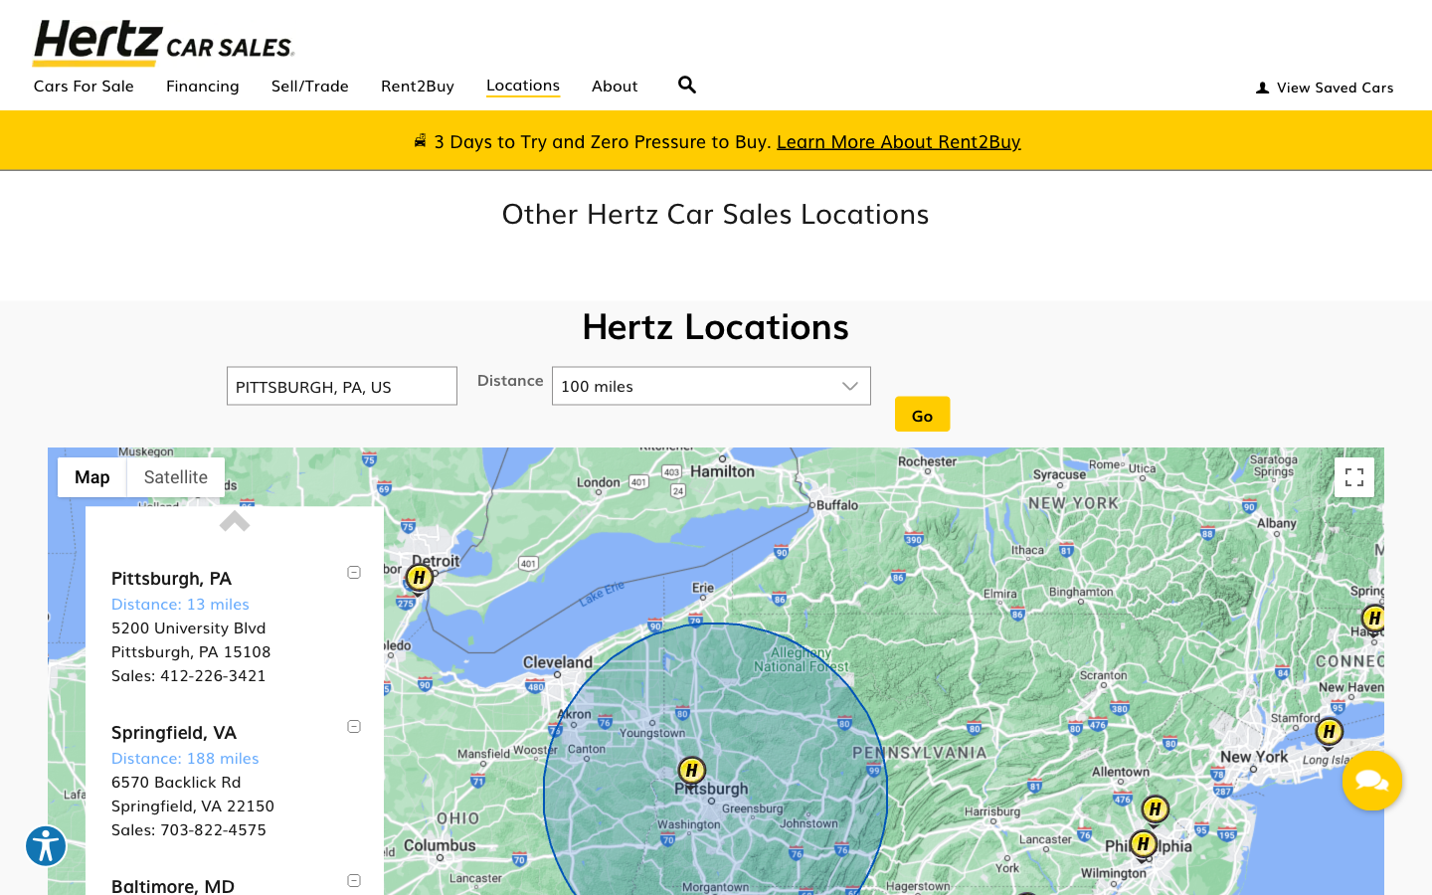 This screenshot has width=1432, height=895. Describe the element at coordinates (172, 730) in the screenshot. I see `See more detail in Springfield, VA` at that location.